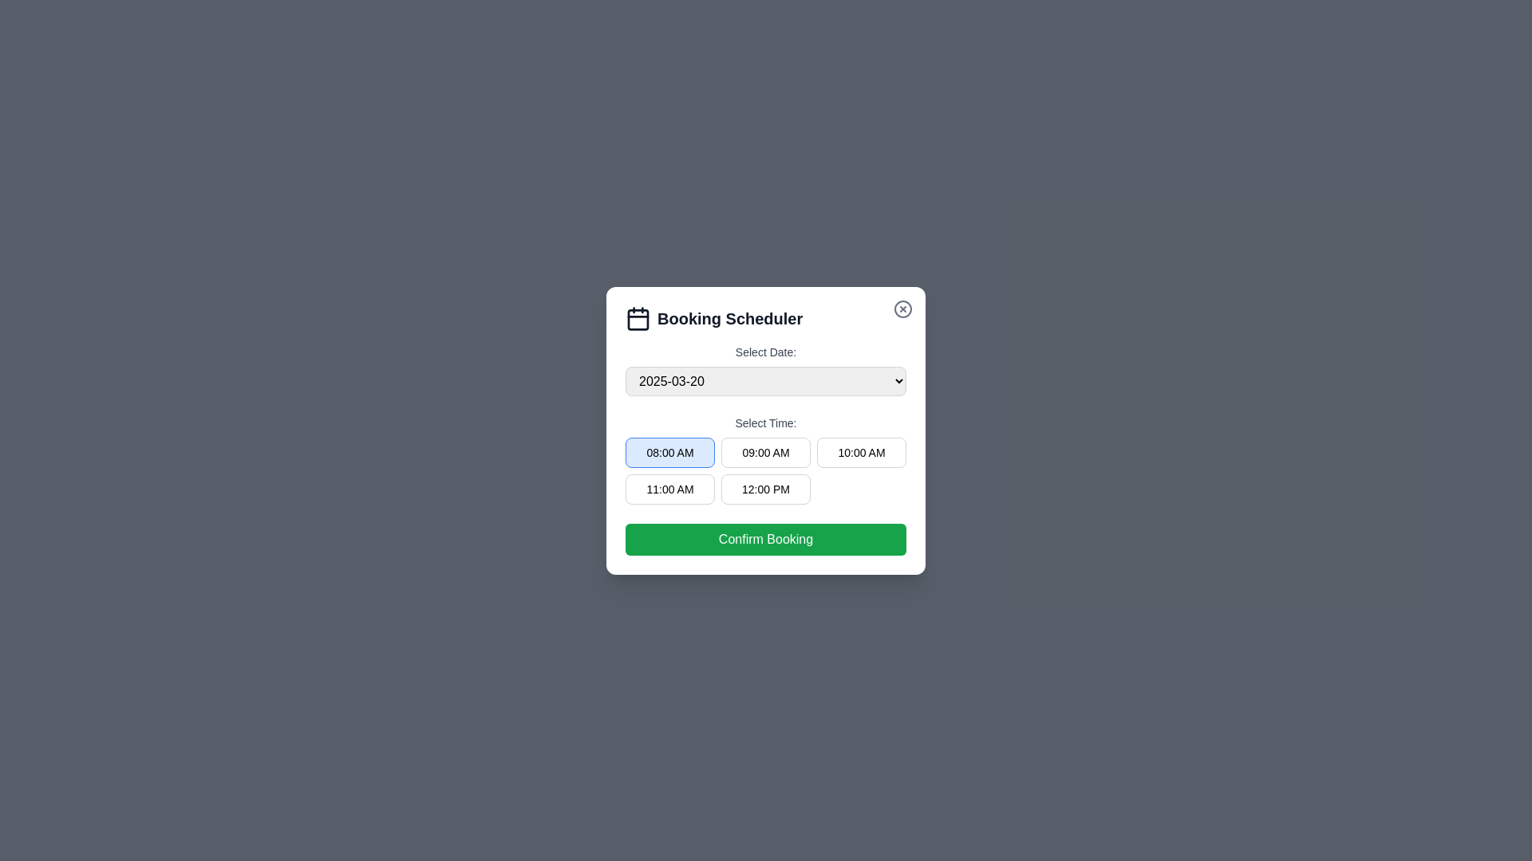 This screenshot has width=1532, height=861. Describe the element at coordinates (766, 470) in the screenshot. I see `the '09:00 AM' time selection button located below the 'Select Time:' label, which is the second button` at that location.